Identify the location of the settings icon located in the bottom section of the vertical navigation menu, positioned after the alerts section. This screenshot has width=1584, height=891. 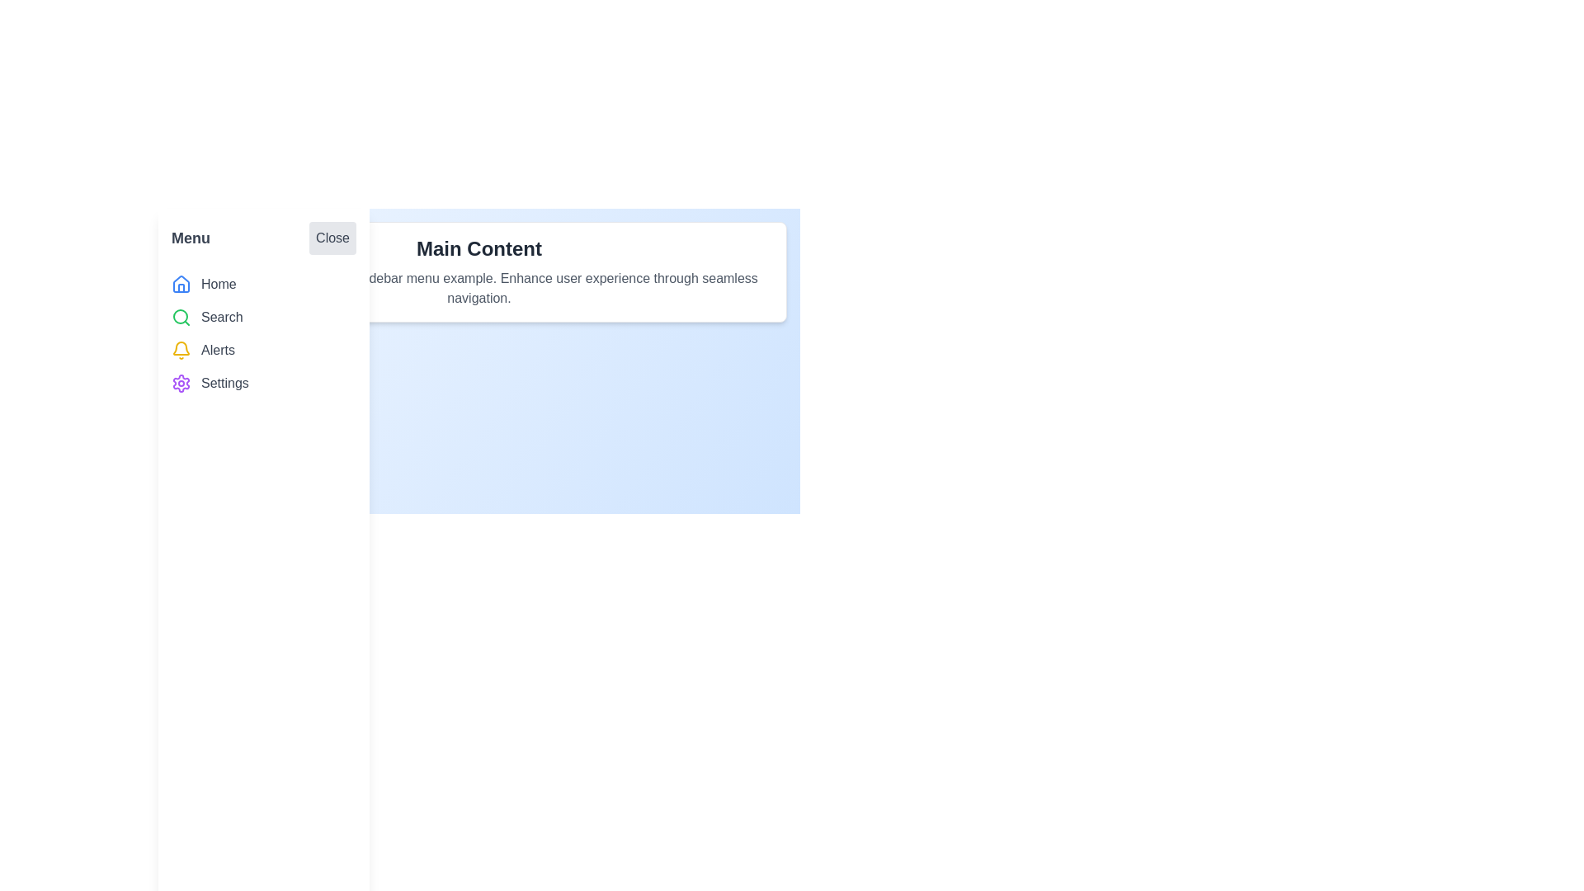
(181, 384).